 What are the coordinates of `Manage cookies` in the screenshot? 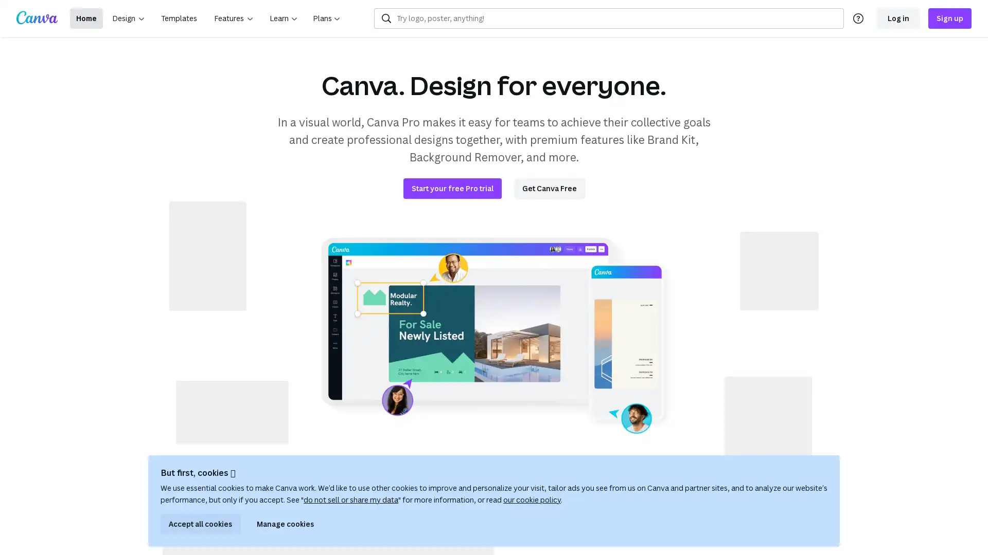 It's located at (285, 524).